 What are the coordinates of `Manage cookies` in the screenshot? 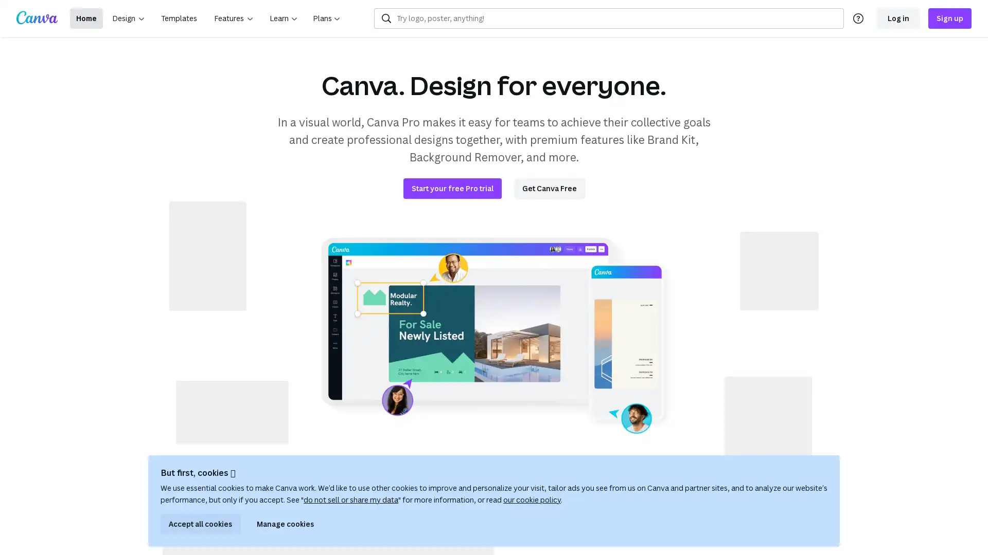 It's located at (285, 524).